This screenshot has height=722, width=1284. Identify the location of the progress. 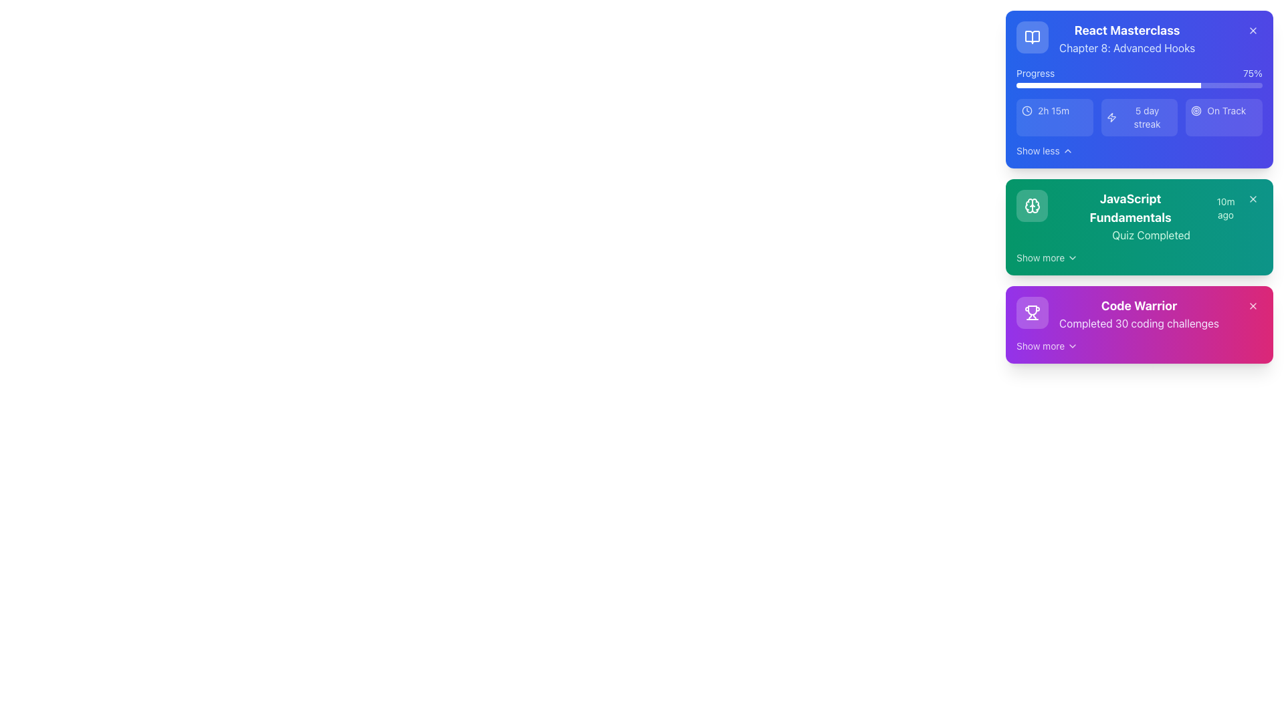
(1117, 85).